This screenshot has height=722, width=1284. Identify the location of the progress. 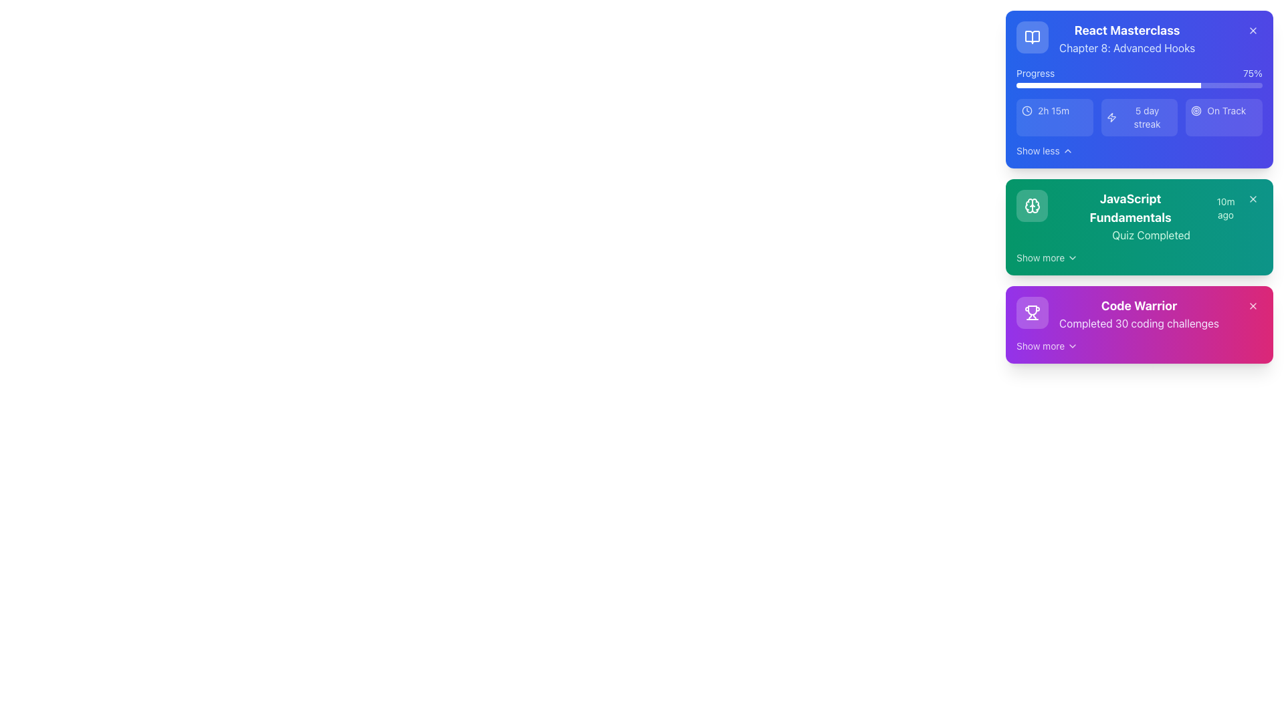
(1117, 85).